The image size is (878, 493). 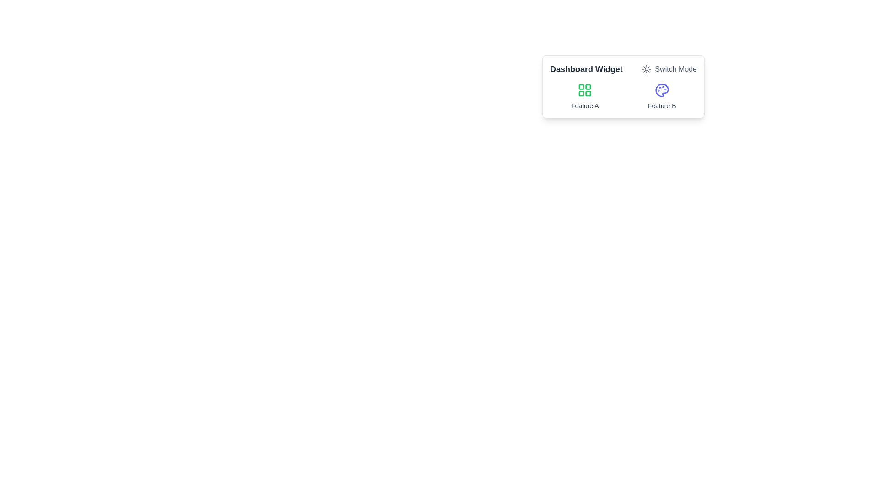 I want to click on the descriptive text label indicating the purpose of the associated green grid icon, positioned directly below the icon within the dashboard widget, so click(x=584, y=105).